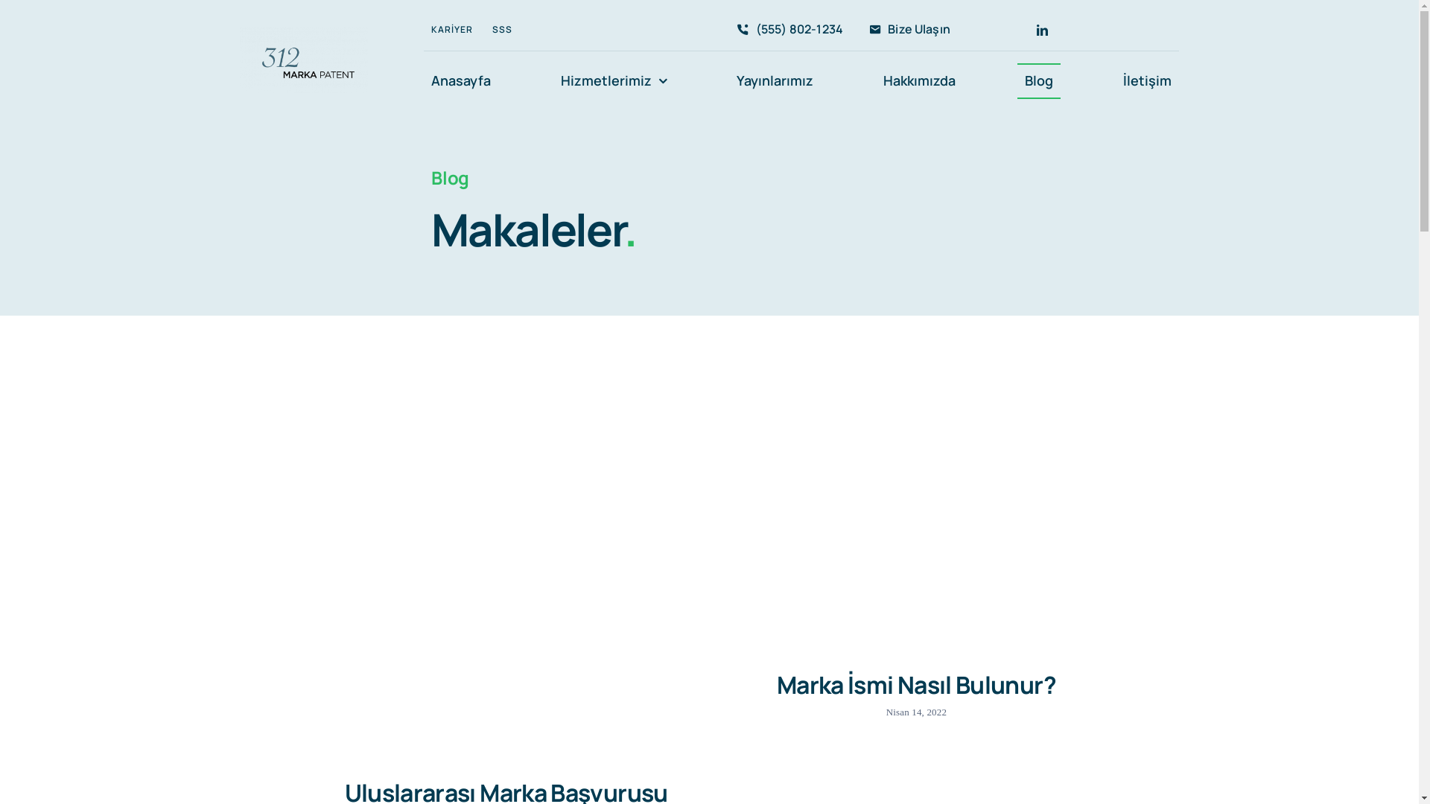  I want to click on 'SSS', so click(485, 29).